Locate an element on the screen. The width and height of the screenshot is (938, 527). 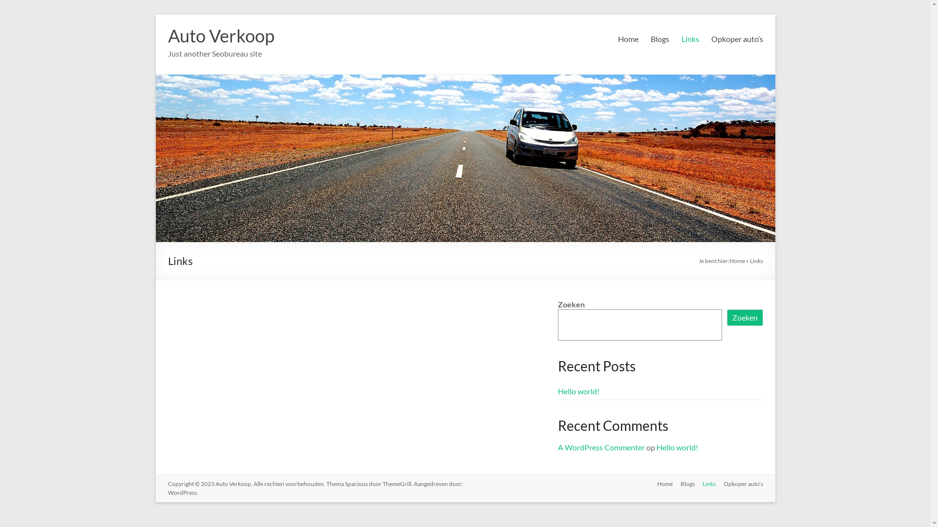
'Spacious' is located at coordinates (356, 484).